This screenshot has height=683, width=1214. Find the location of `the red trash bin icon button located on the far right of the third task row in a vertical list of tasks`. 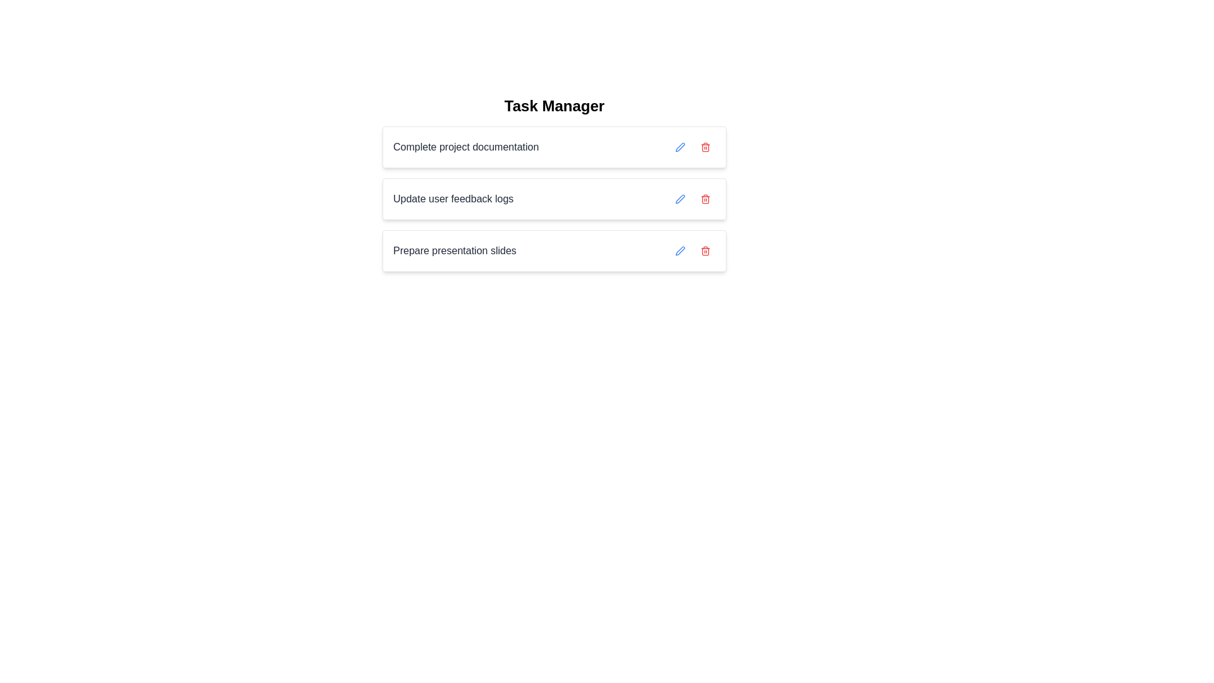

the red trash bin icon button located on the far right of the third task row in a vertical list of tasks is located at coordinates (705, 251).